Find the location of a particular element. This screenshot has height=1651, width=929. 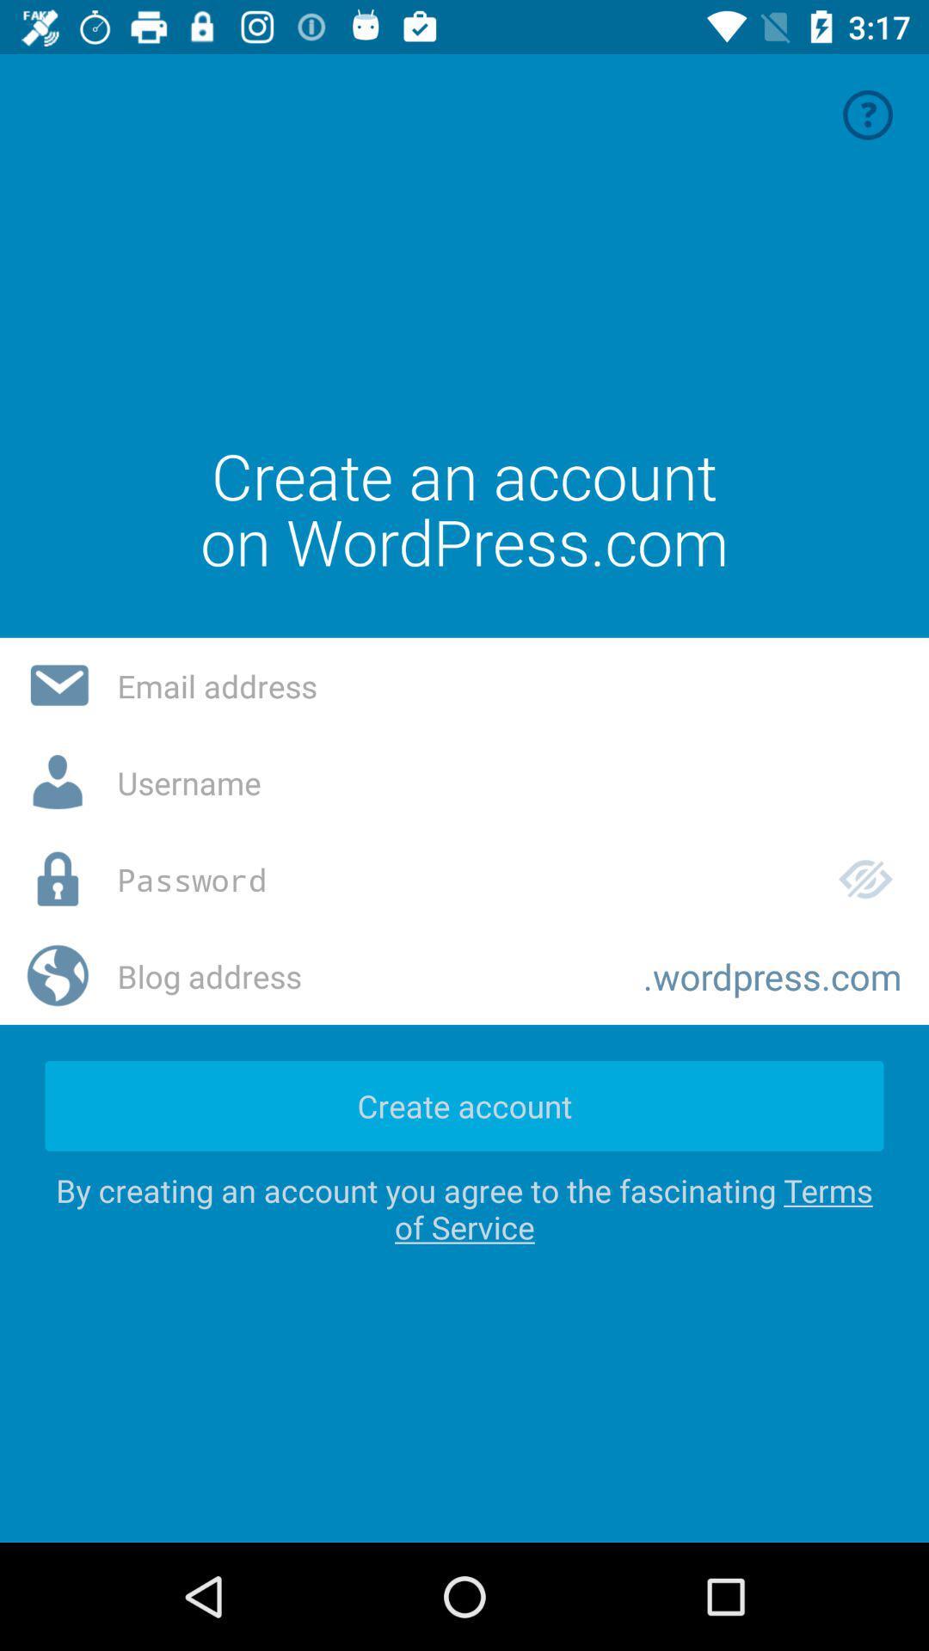

the visibility icon is located at coordinates (865, 879).